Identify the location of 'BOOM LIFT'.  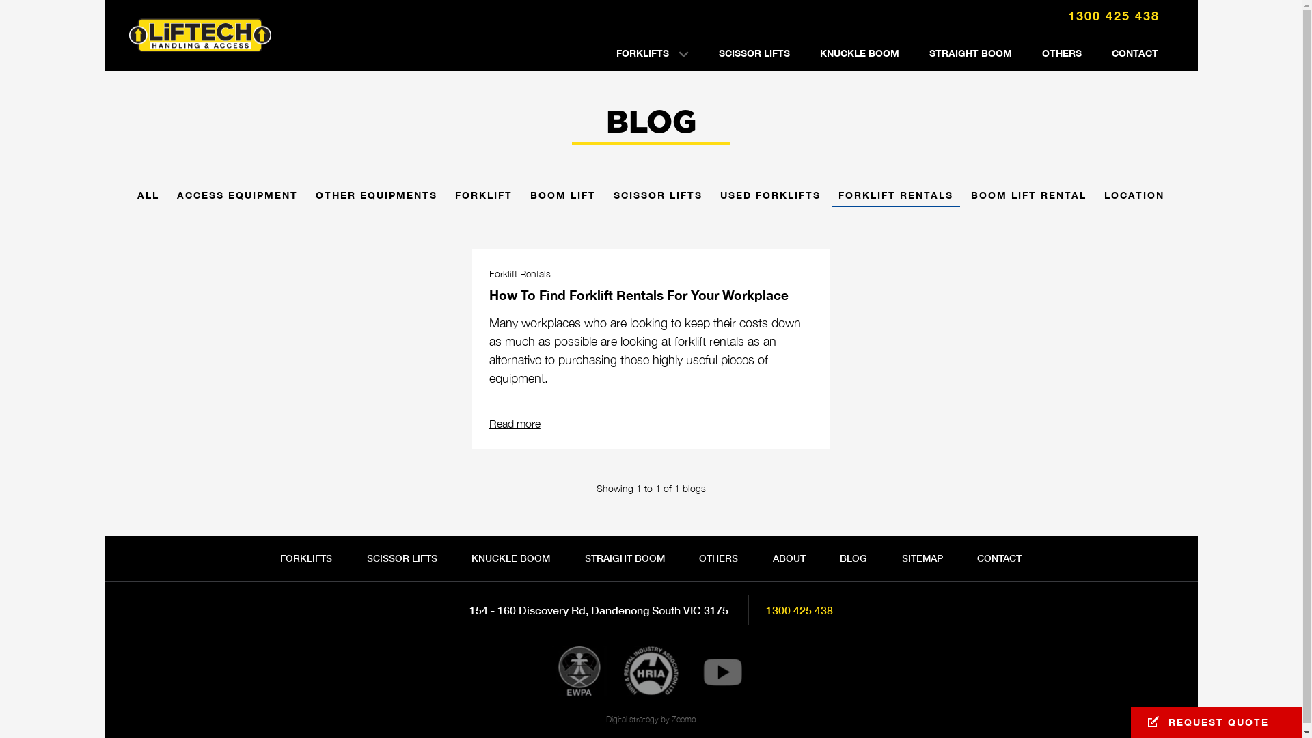
(523, 197).